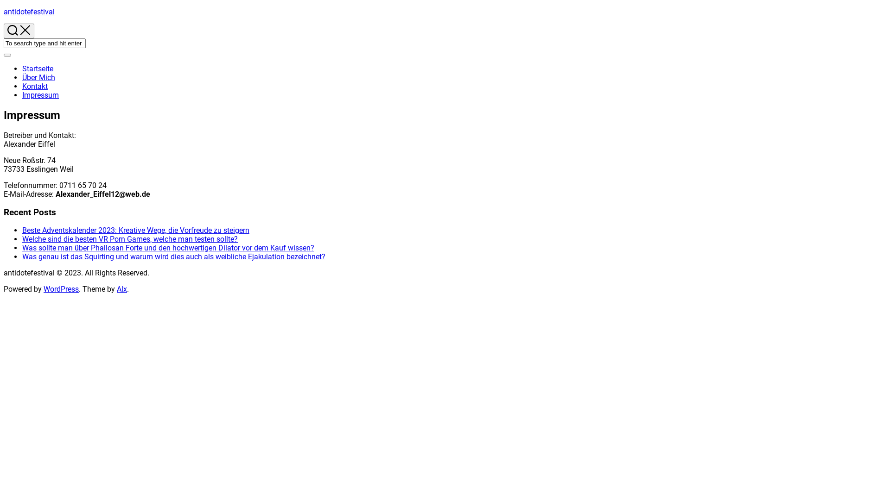  I want to click on 'antidotefestival', so click(29, 12).